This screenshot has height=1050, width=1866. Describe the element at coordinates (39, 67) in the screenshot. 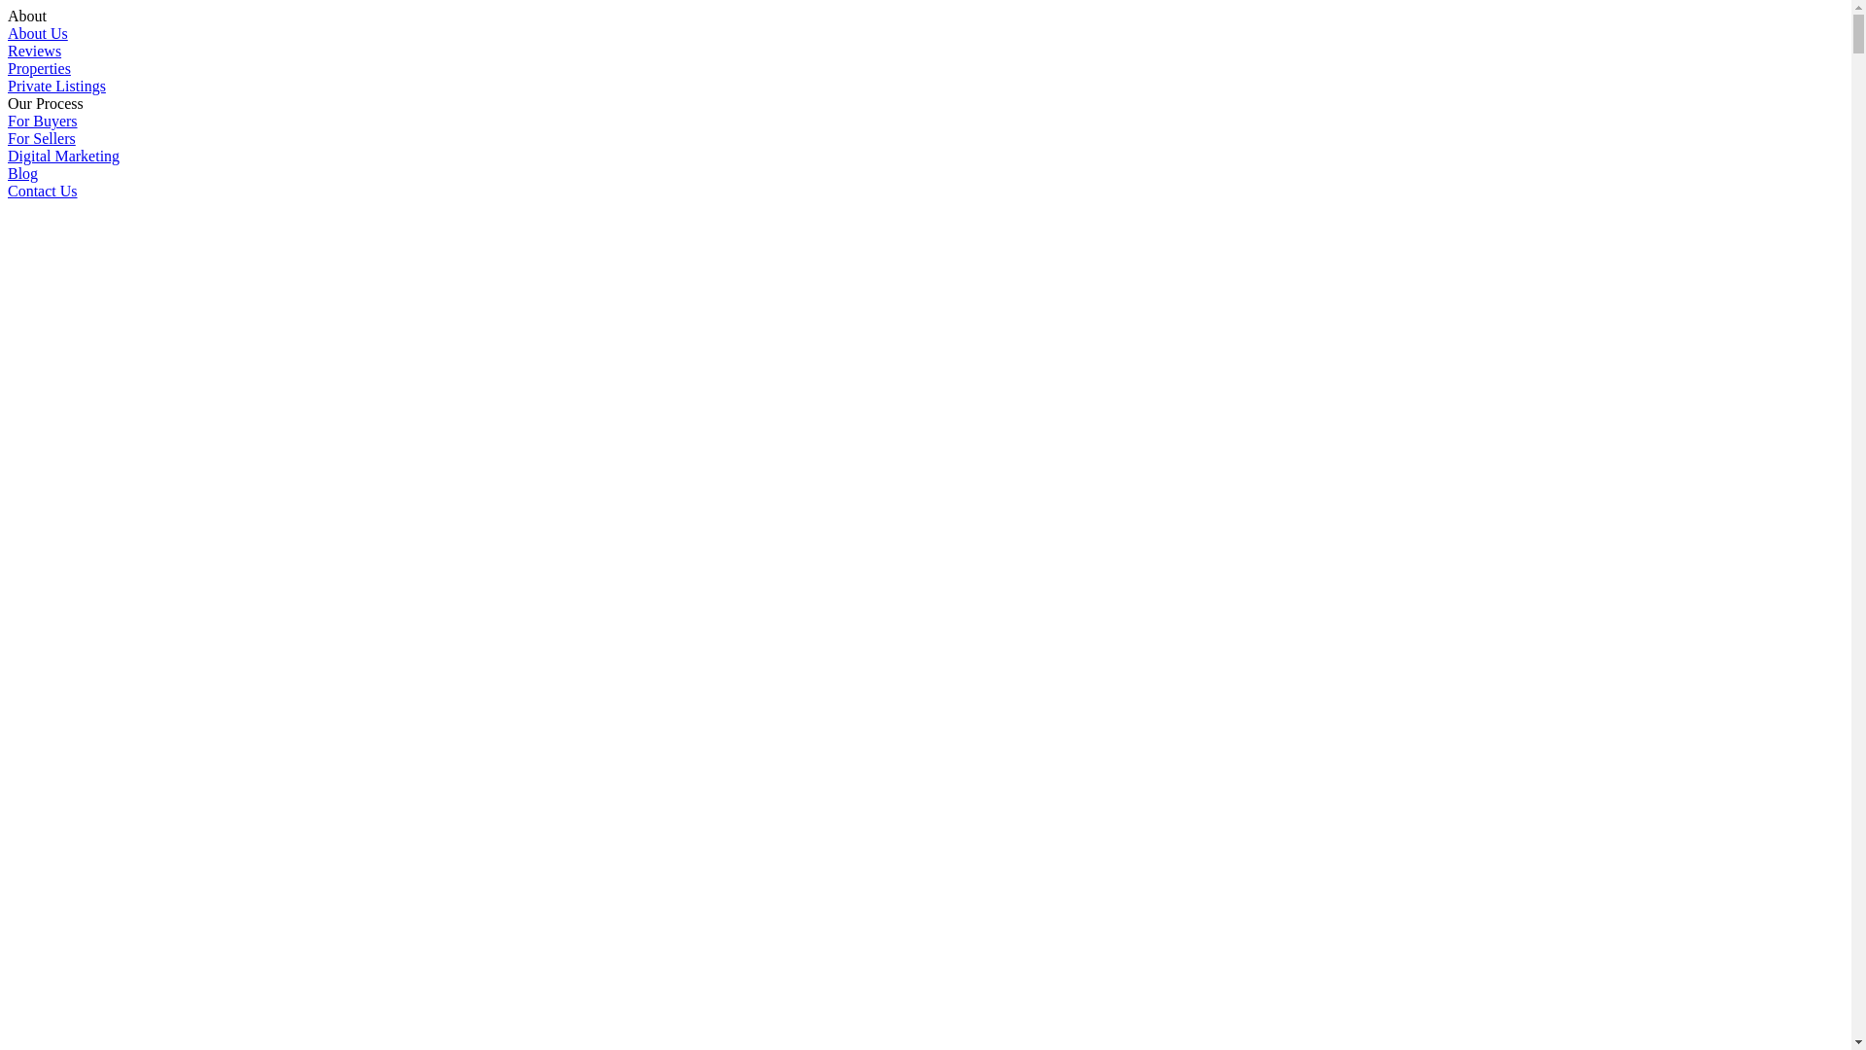

I see `'Properties'` at that location.